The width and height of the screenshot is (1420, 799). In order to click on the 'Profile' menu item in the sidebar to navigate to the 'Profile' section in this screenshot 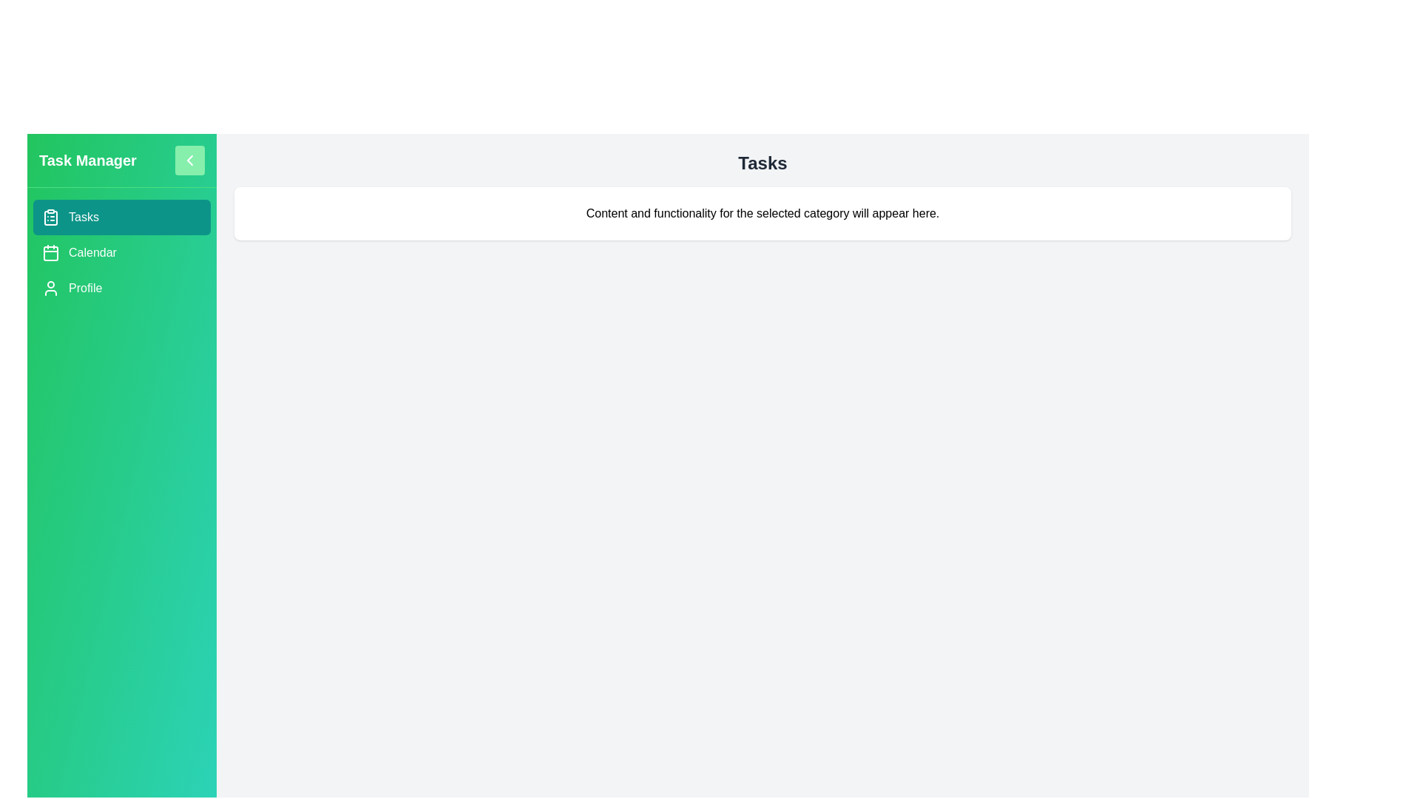, I will do `click(121, 288)`.